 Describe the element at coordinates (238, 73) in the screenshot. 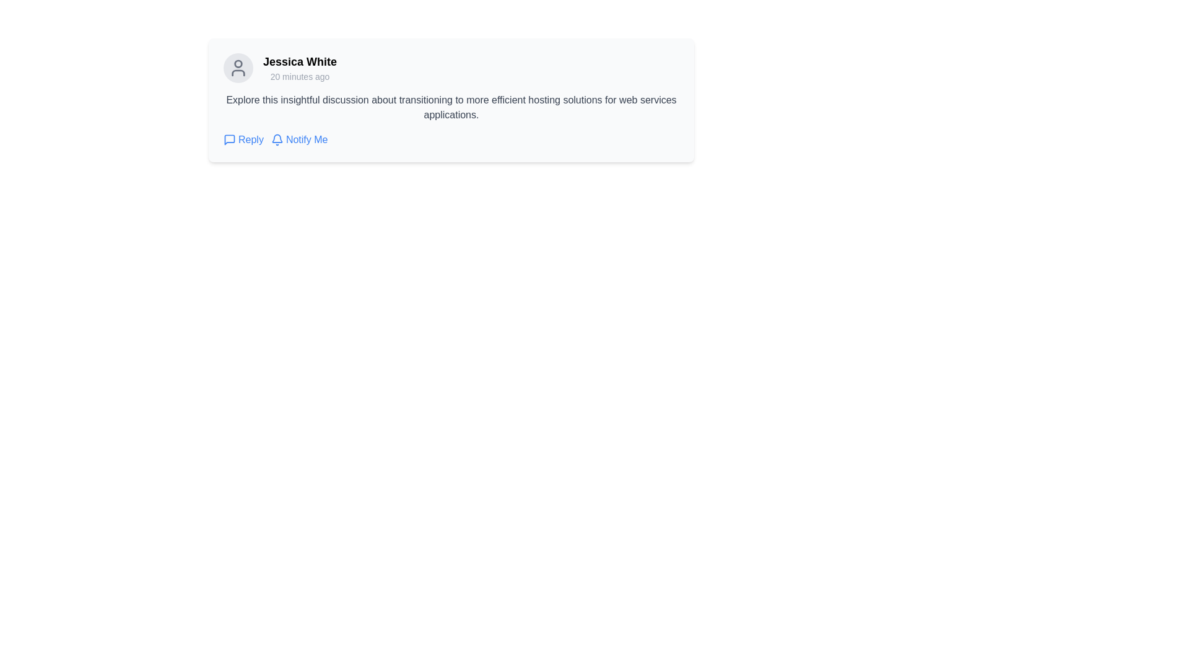

I see `the semi-circular lower part of the user icon, which represents the shoulders or chest area, located within the user profile card` at that location.